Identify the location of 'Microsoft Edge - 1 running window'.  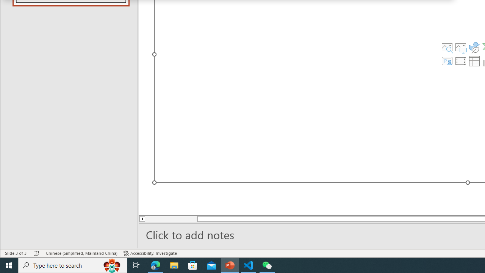
(155, 265).